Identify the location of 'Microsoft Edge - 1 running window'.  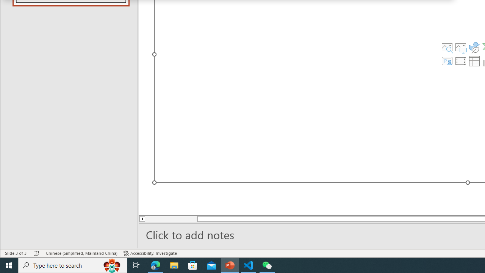
(155, 265).